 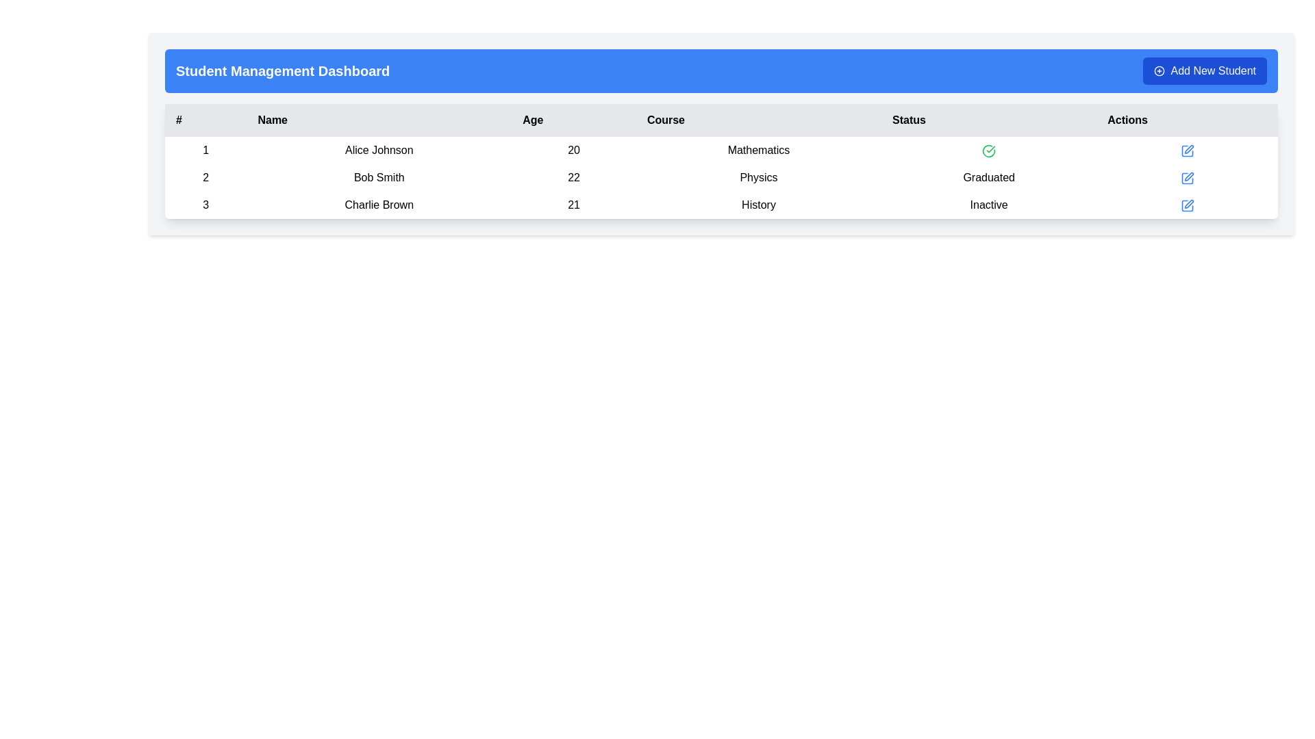 I want to click on the edit icon located in the 'Actions' column of the first row of the table, so click(x=1186, y=151).